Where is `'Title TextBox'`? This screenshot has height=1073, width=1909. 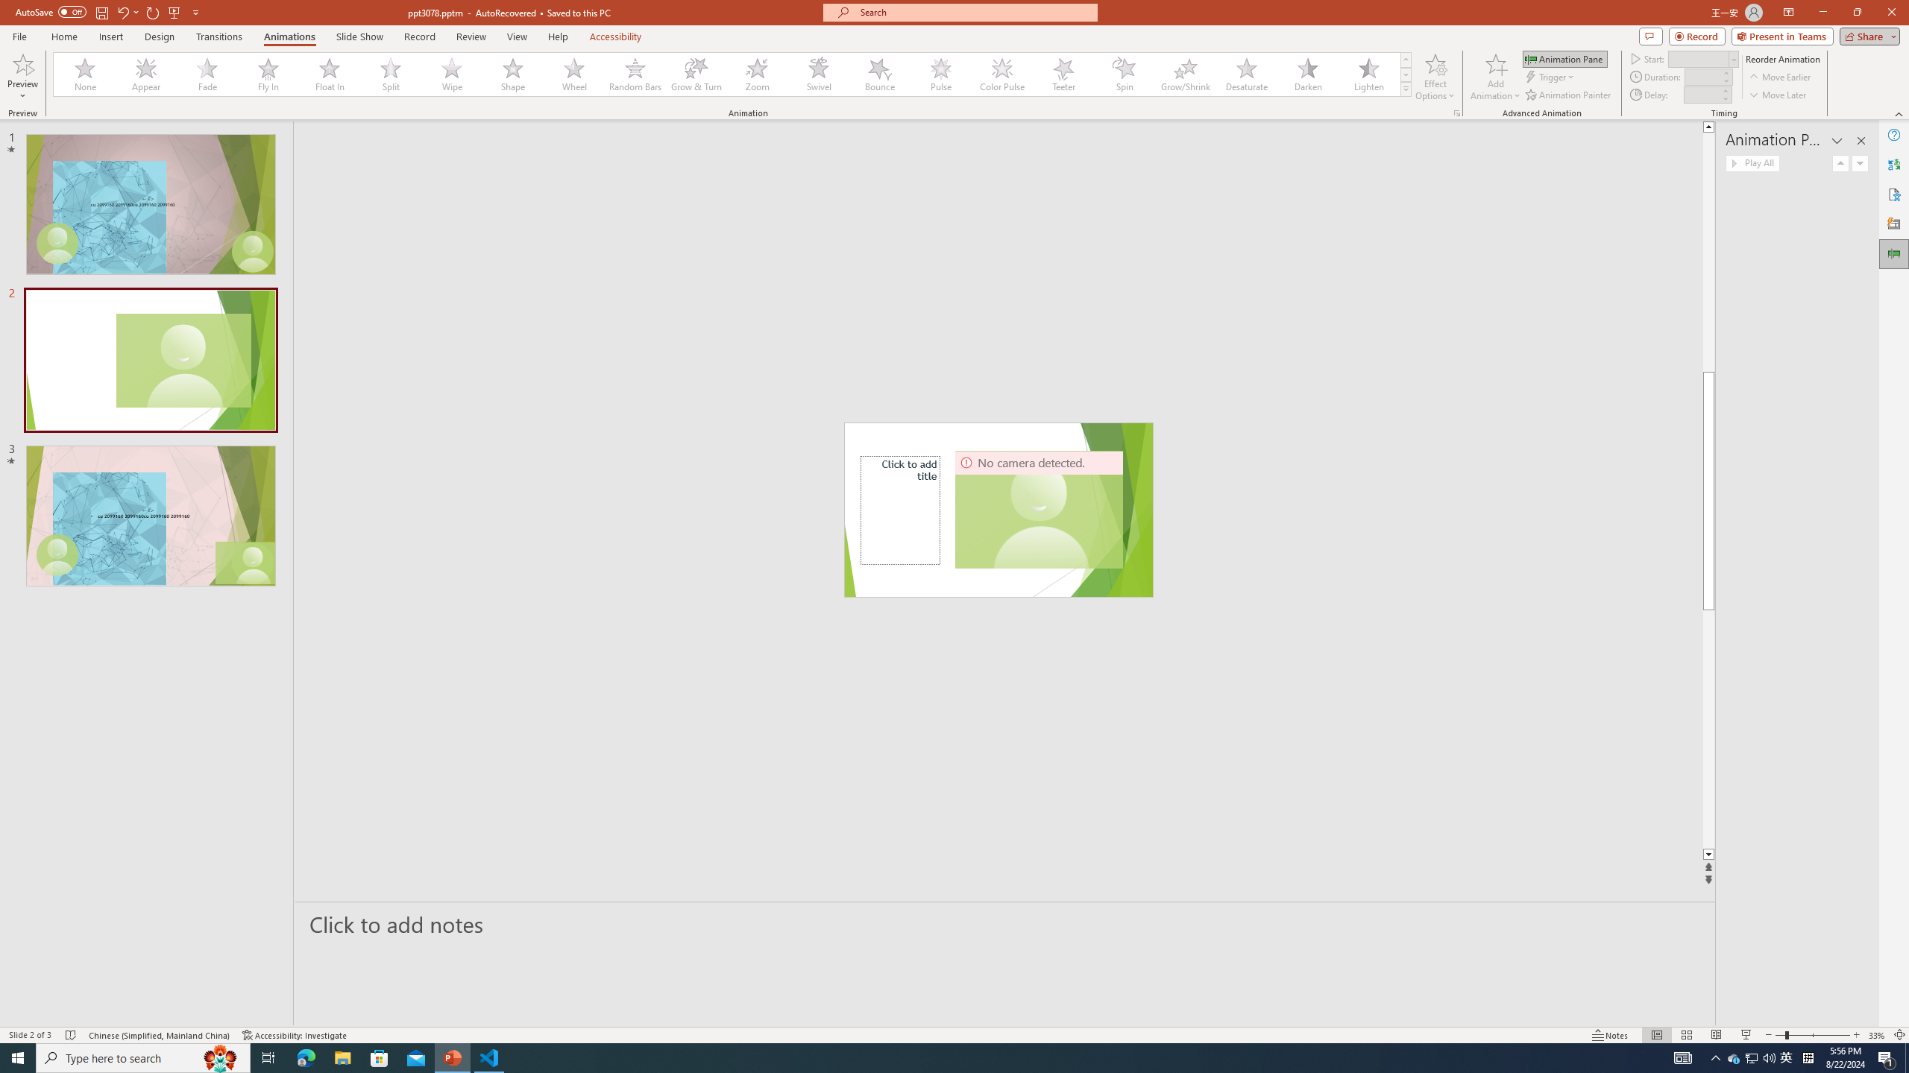
'Title TextBox' is located at coordinates (900, 509).